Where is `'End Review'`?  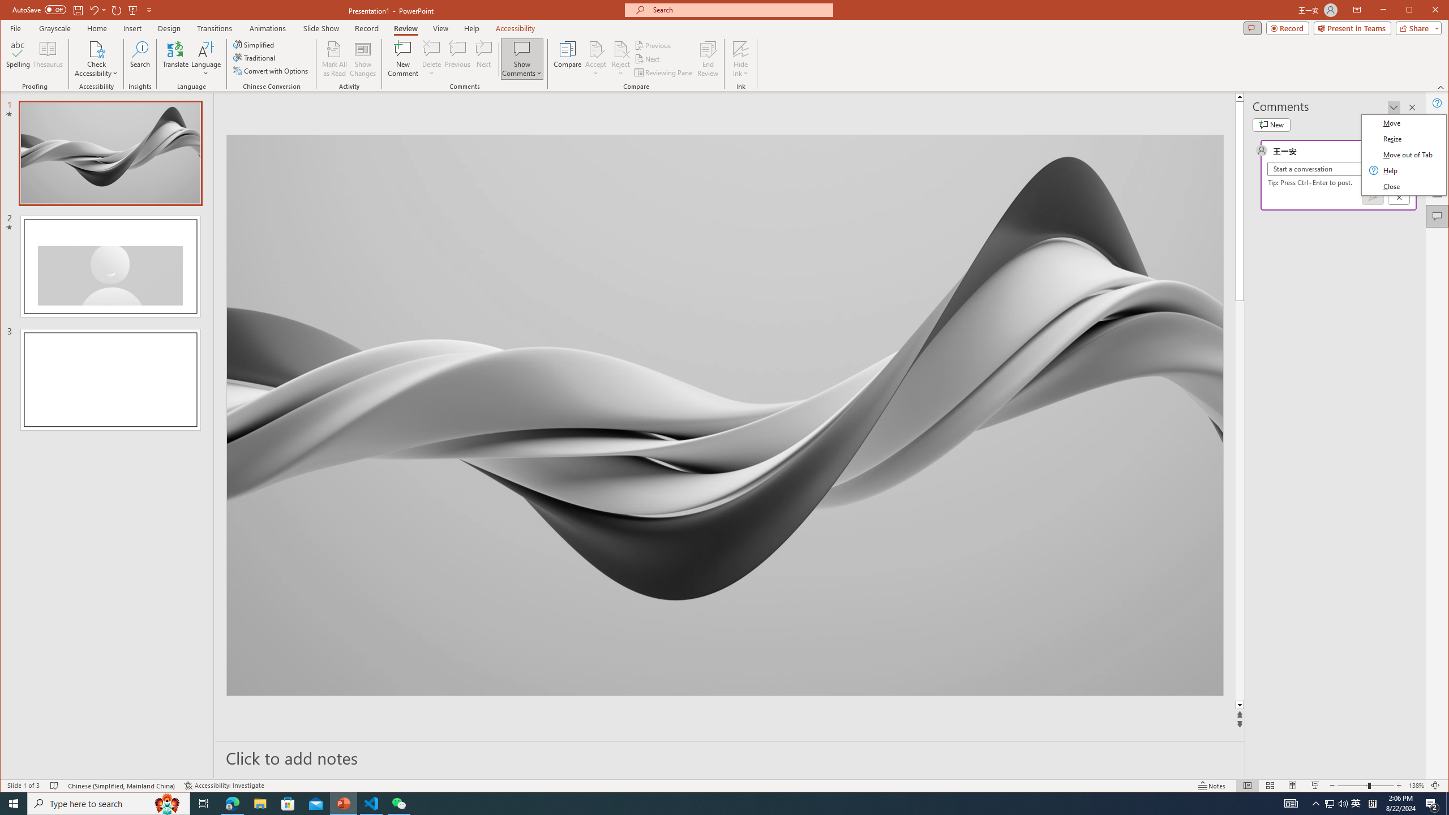 'End Review' is located at coordinates (708, 58).